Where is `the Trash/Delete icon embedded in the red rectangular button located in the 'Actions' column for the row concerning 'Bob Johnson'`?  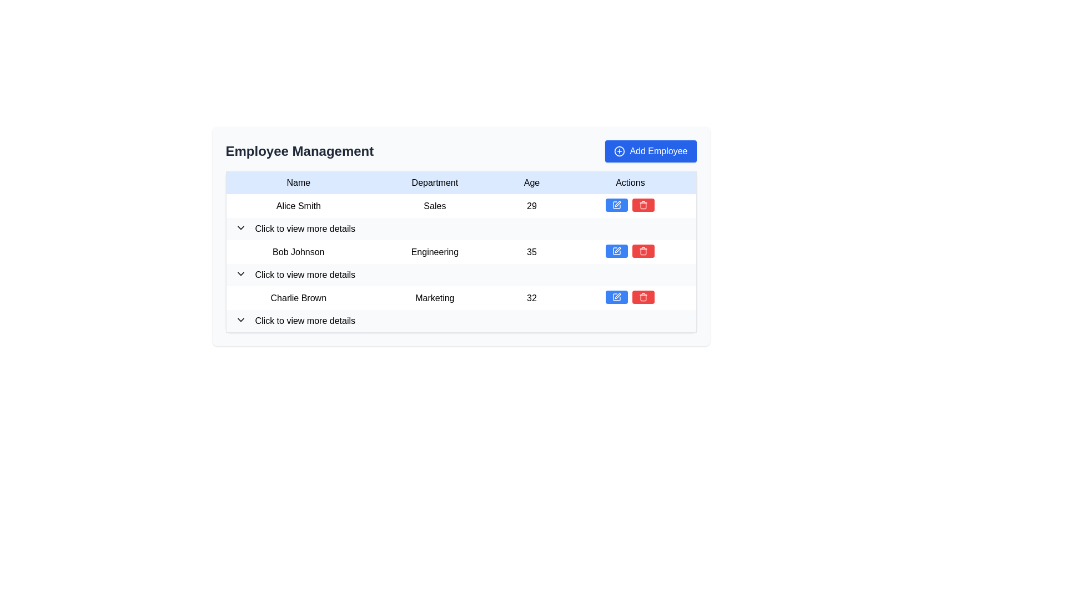
the Trash/Delete icon embedded in the red rectangular button located in the 'Actions' column for the row concerning 'Bob Johnson' is located at coordinates (643, 251).